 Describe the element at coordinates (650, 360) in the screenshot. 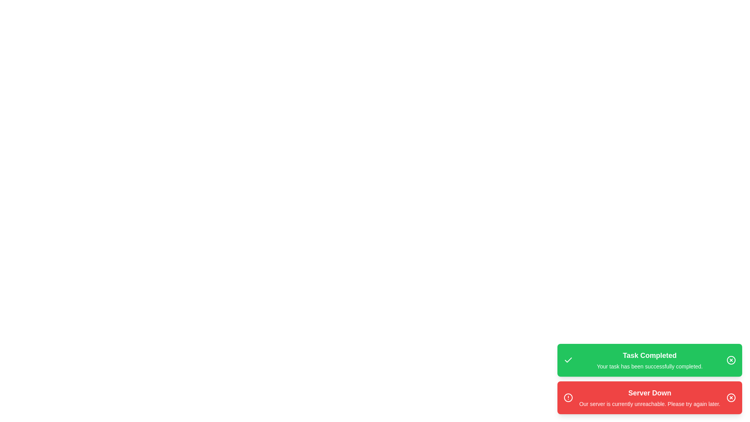

I see `the 'Task Completed' notification to trigger the hover effect` at that location.